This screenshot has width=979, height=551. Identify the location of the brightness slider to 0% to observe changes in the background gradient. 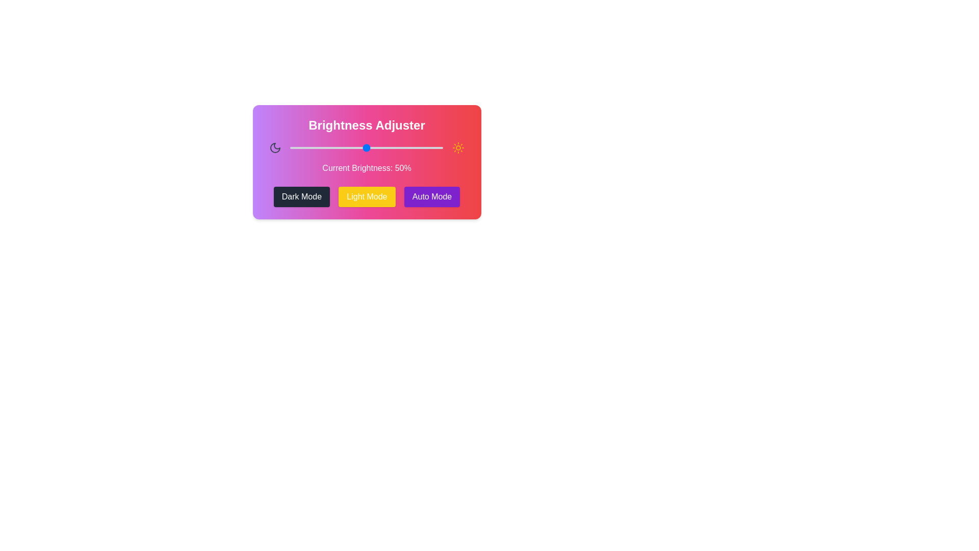
(290, 147).